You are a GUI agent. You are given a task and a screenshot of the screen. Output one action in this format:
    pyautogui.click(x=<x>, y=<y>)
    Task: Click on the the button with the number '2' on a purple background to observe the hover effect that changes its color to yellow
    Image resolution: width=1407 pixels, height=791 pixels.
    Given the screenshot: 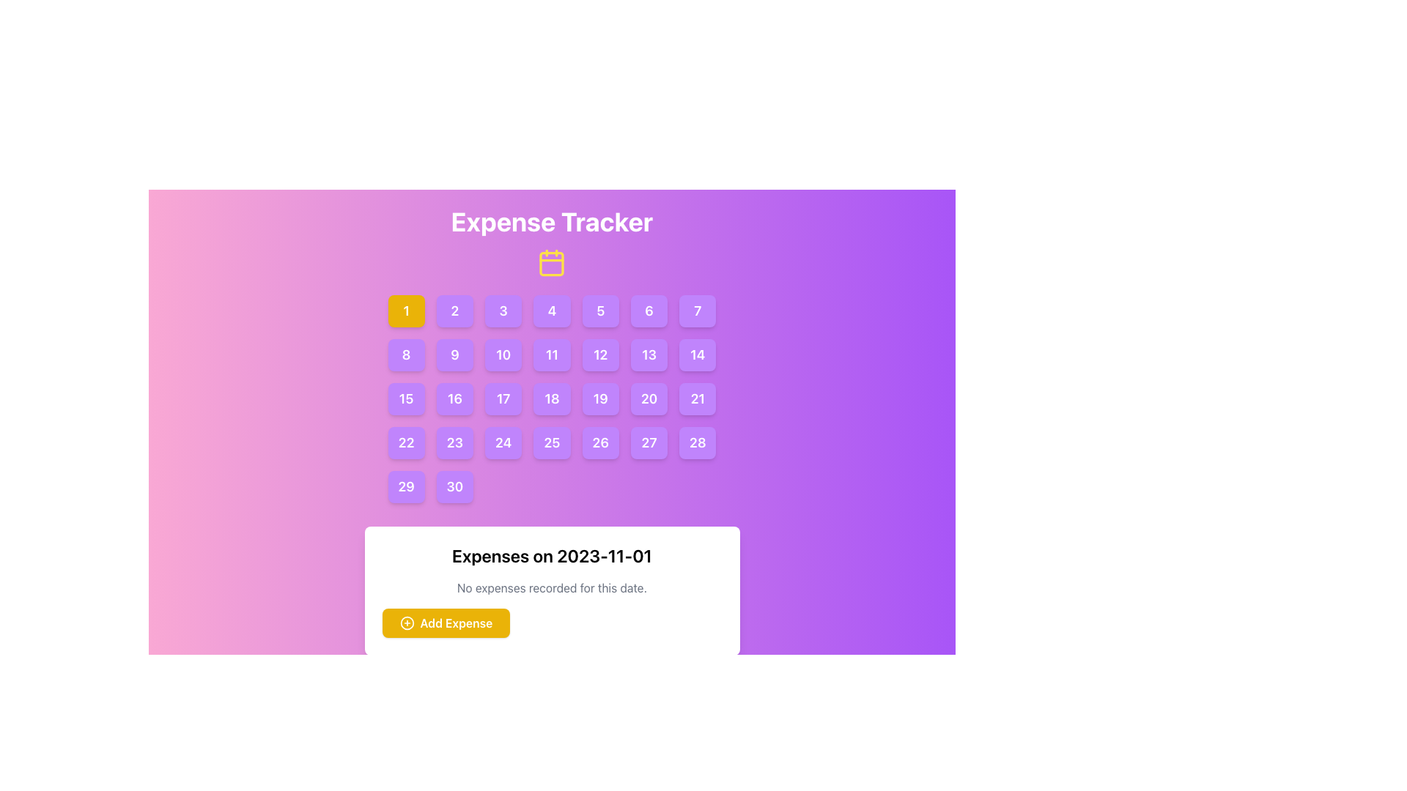 What is the action you would take?
    pyautogui.click(x=454, y=310)
    